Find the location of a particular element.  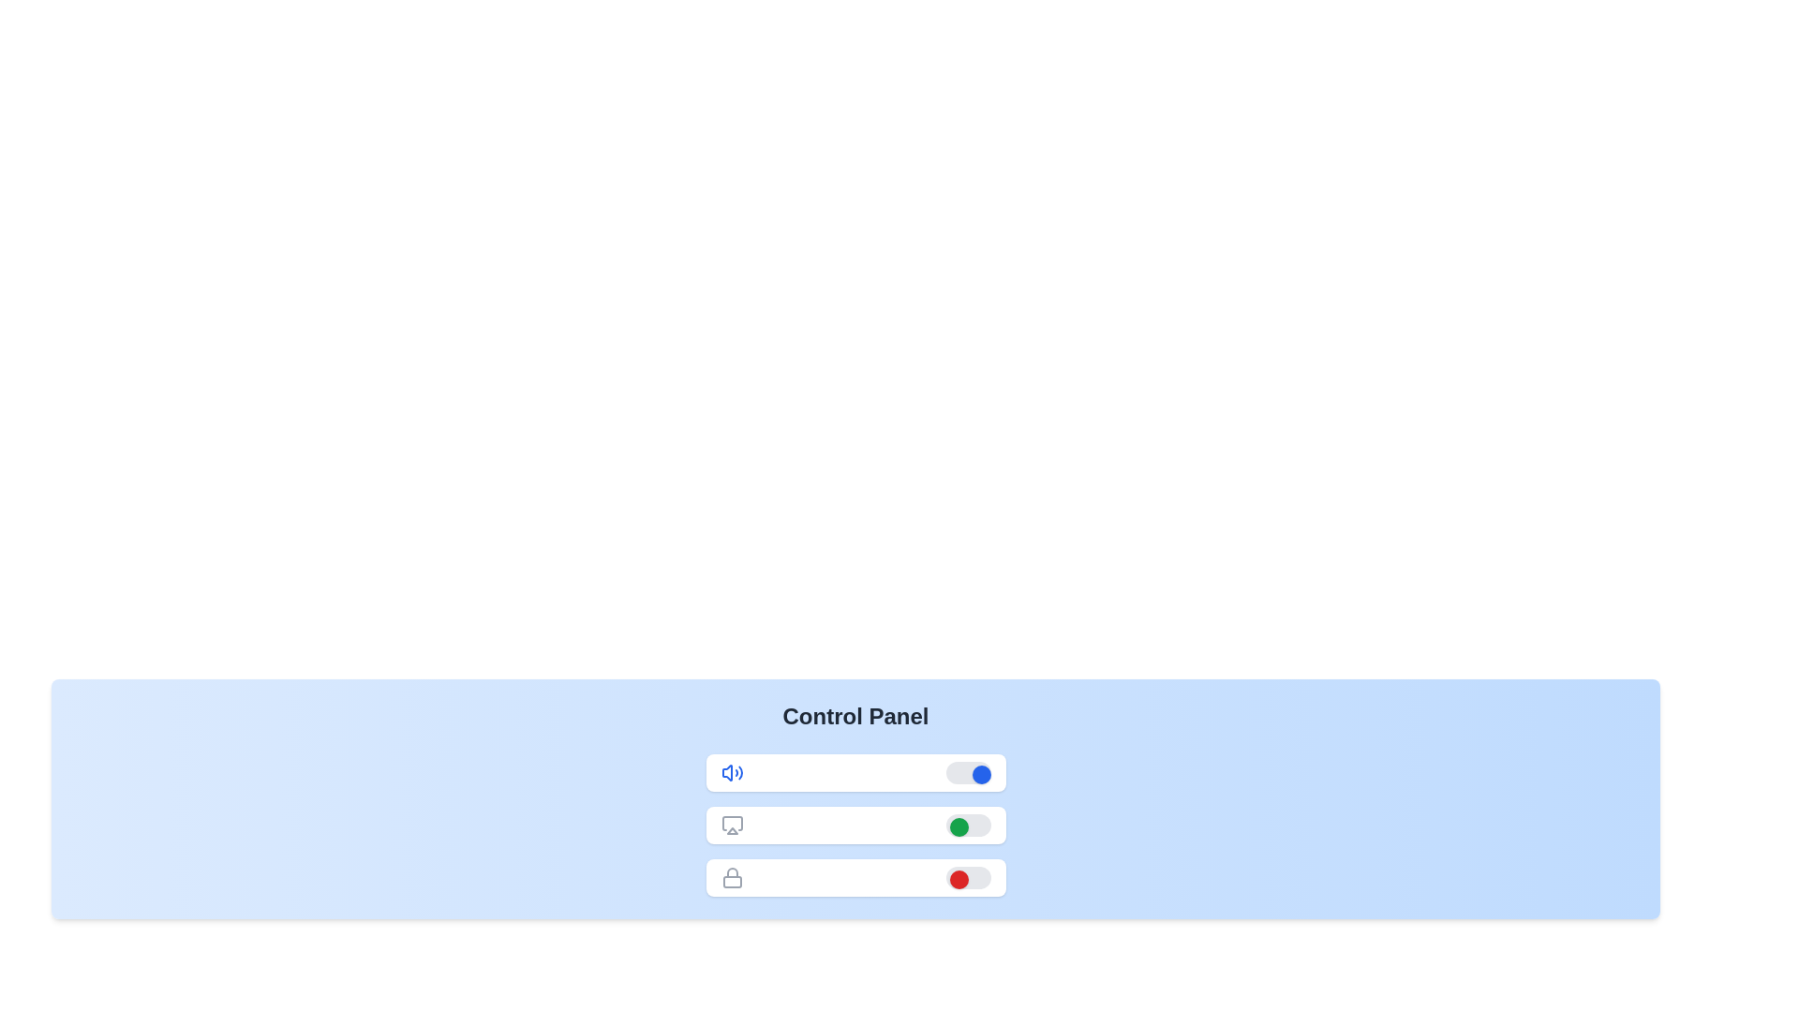

the gray lock icon in the control panel, which is the third item in the third row, positioned to the left of a toggle switch is located at coordinates (731, 878).